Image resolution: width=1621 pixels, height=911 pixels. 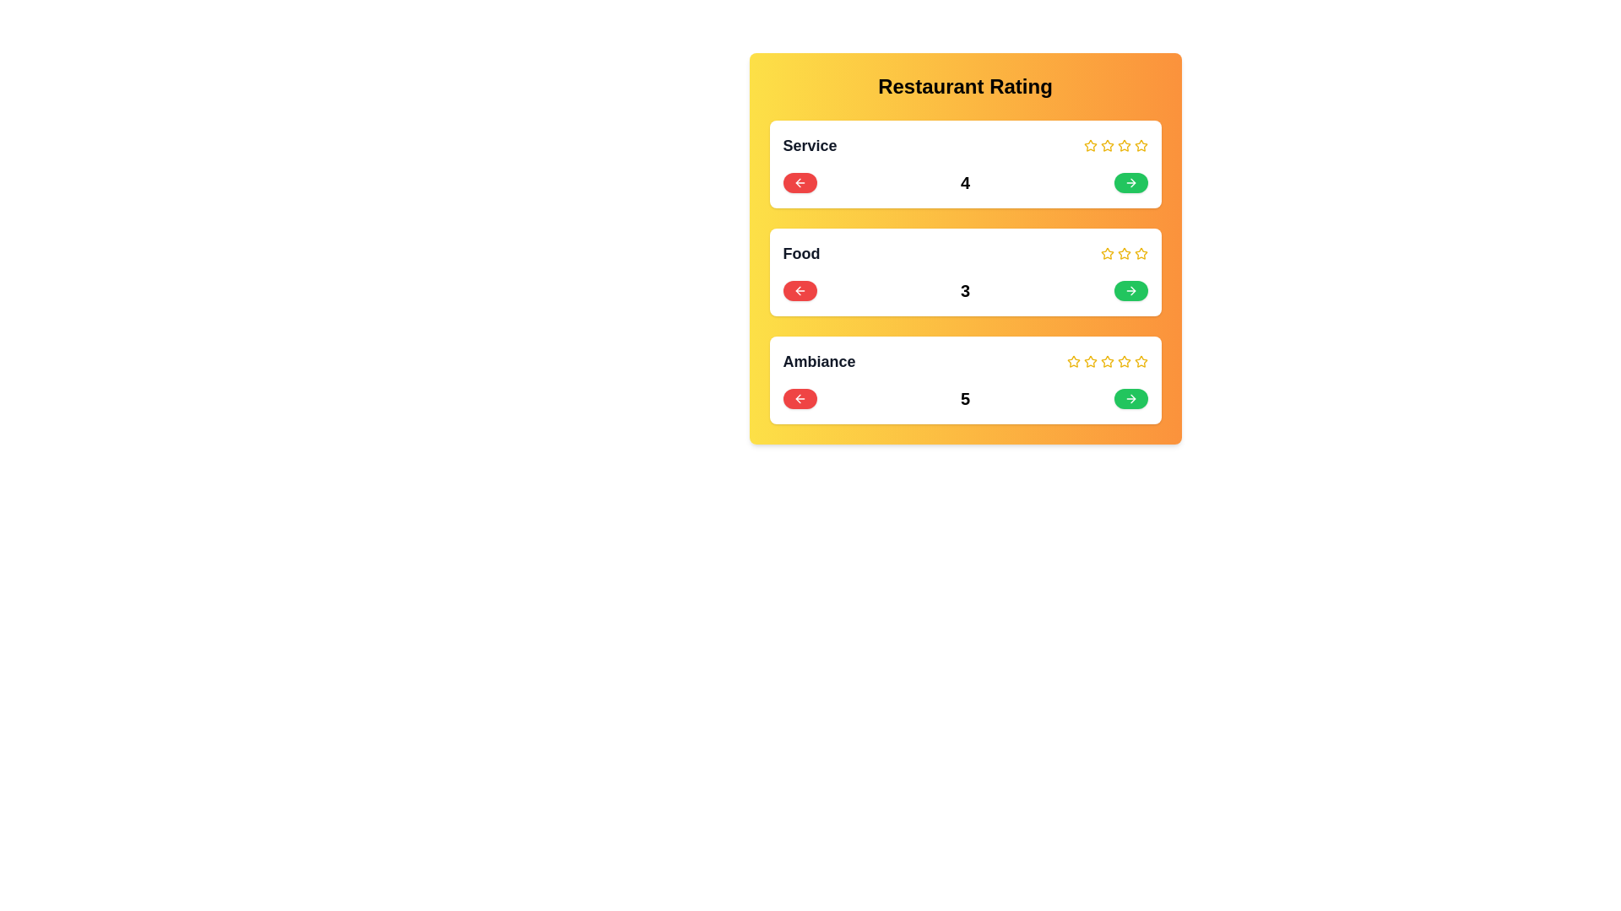 I want to click on the 'Food' rating card, which is the second card in a vertical stack of three cards, so click(x=965, y=253).